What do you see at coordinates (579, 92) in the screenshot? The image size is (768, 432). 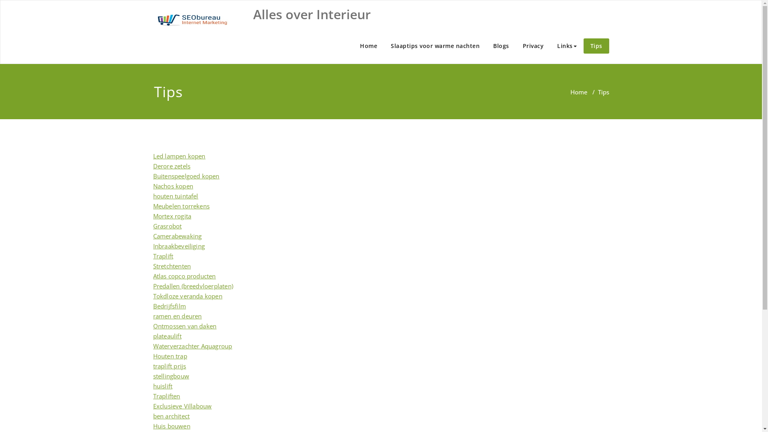 I see `'Home'` at bounding box center [579, 92].